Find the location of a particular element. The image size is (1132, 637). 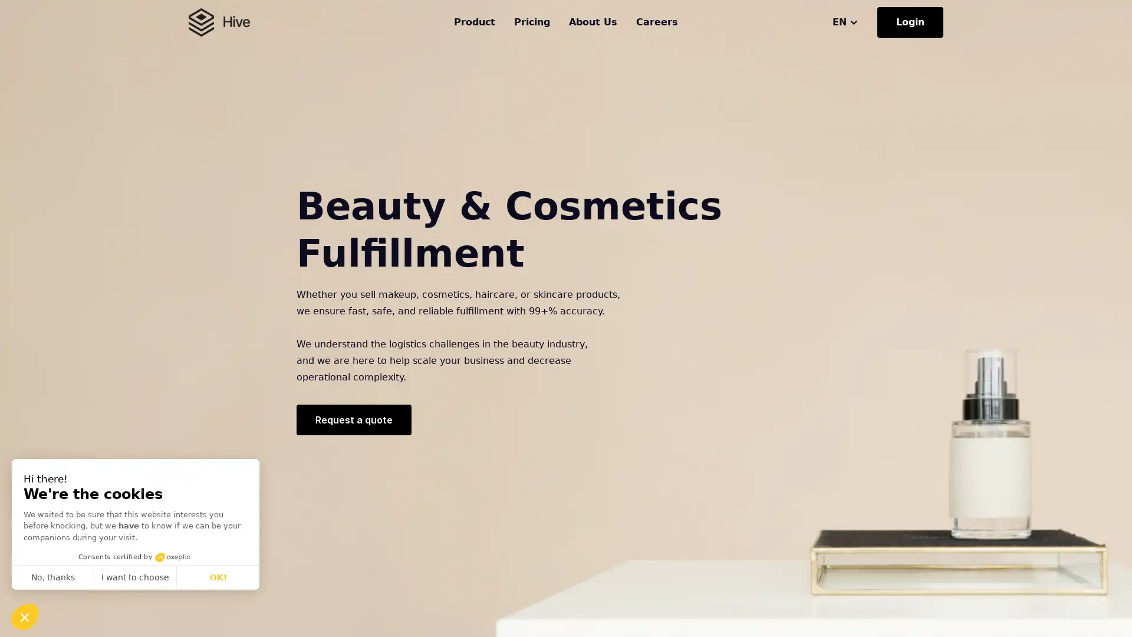

I want to choose is located at coordinates (136, 577).